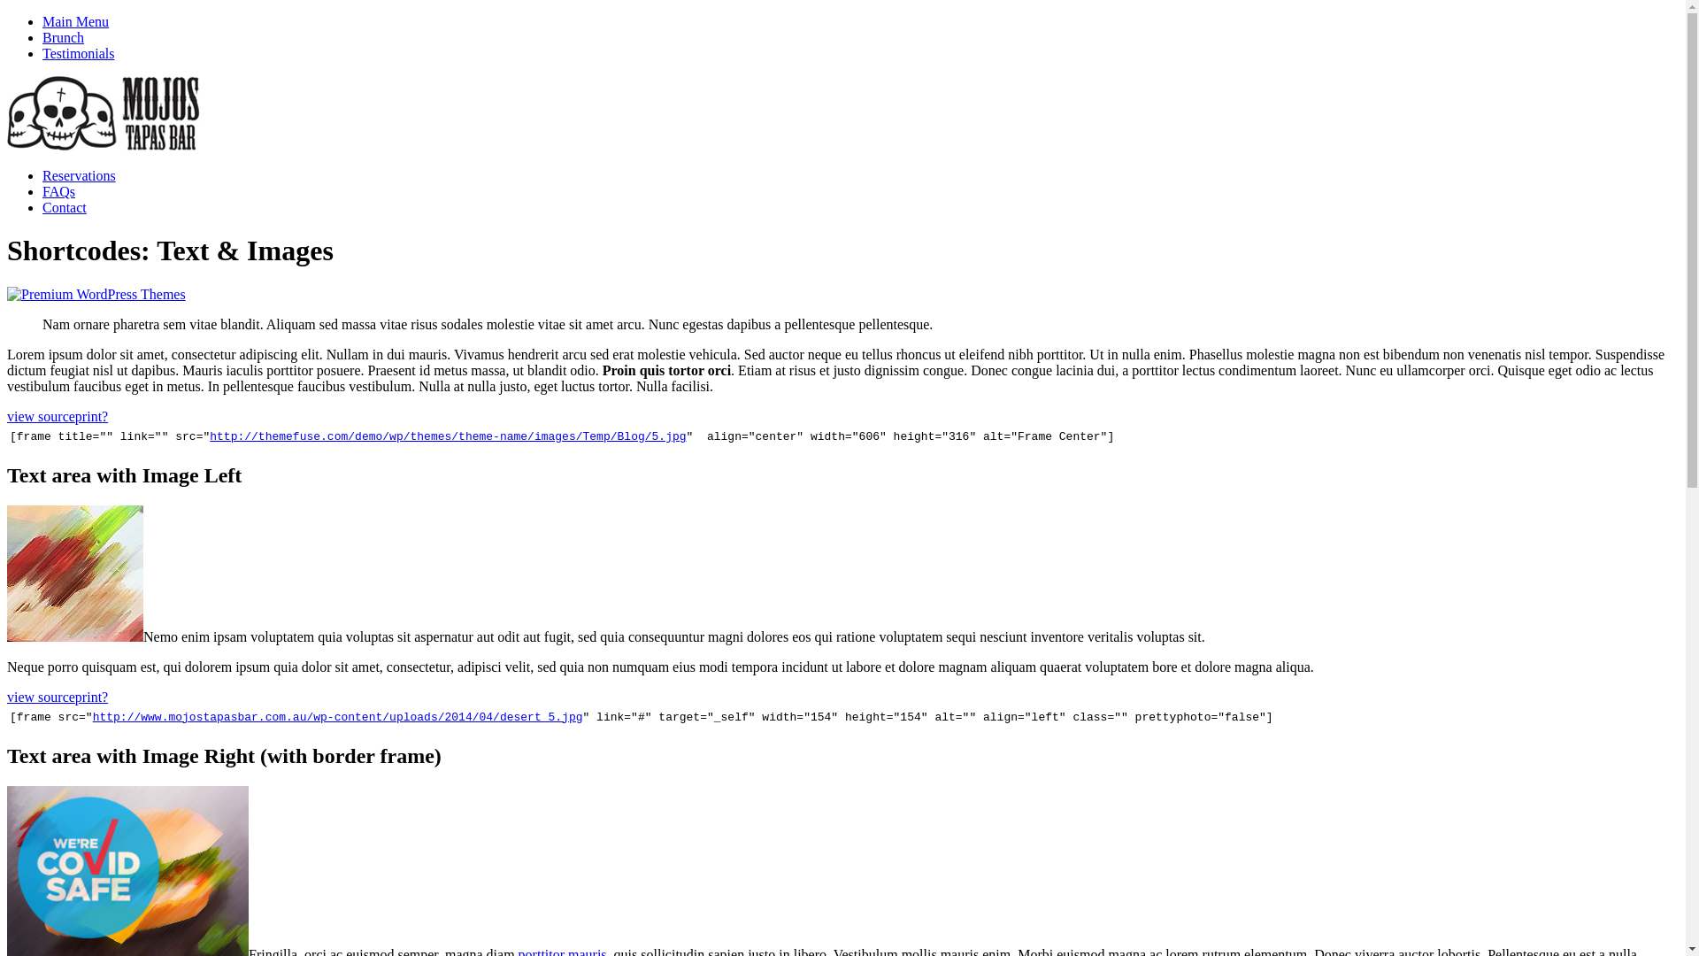  I want to click on 'Main Menu', so click(74, 21).